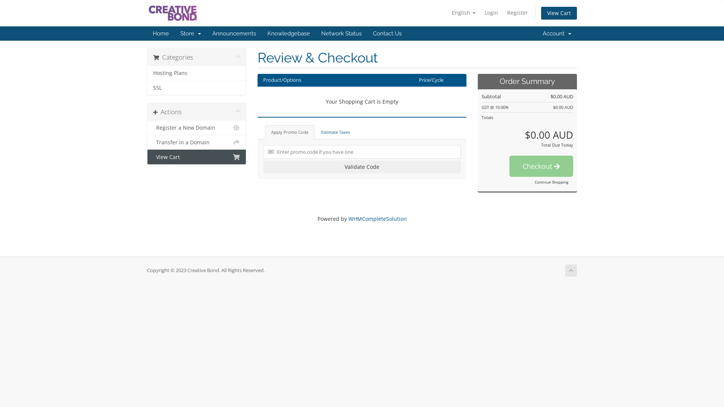 This screenshot has width=724, height=407. I want to click on 'WHMCompleteSolution', so click(377, 219).